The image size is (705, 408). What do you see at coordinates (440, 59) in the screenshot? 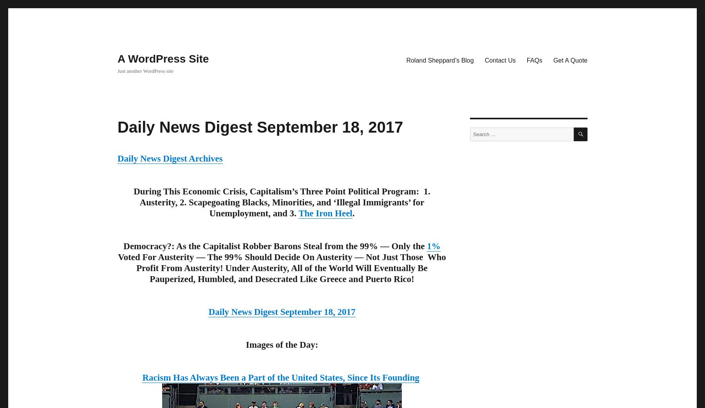
I see `'Roland Sheppard’s Blog'` at bounding box center [440, 59].